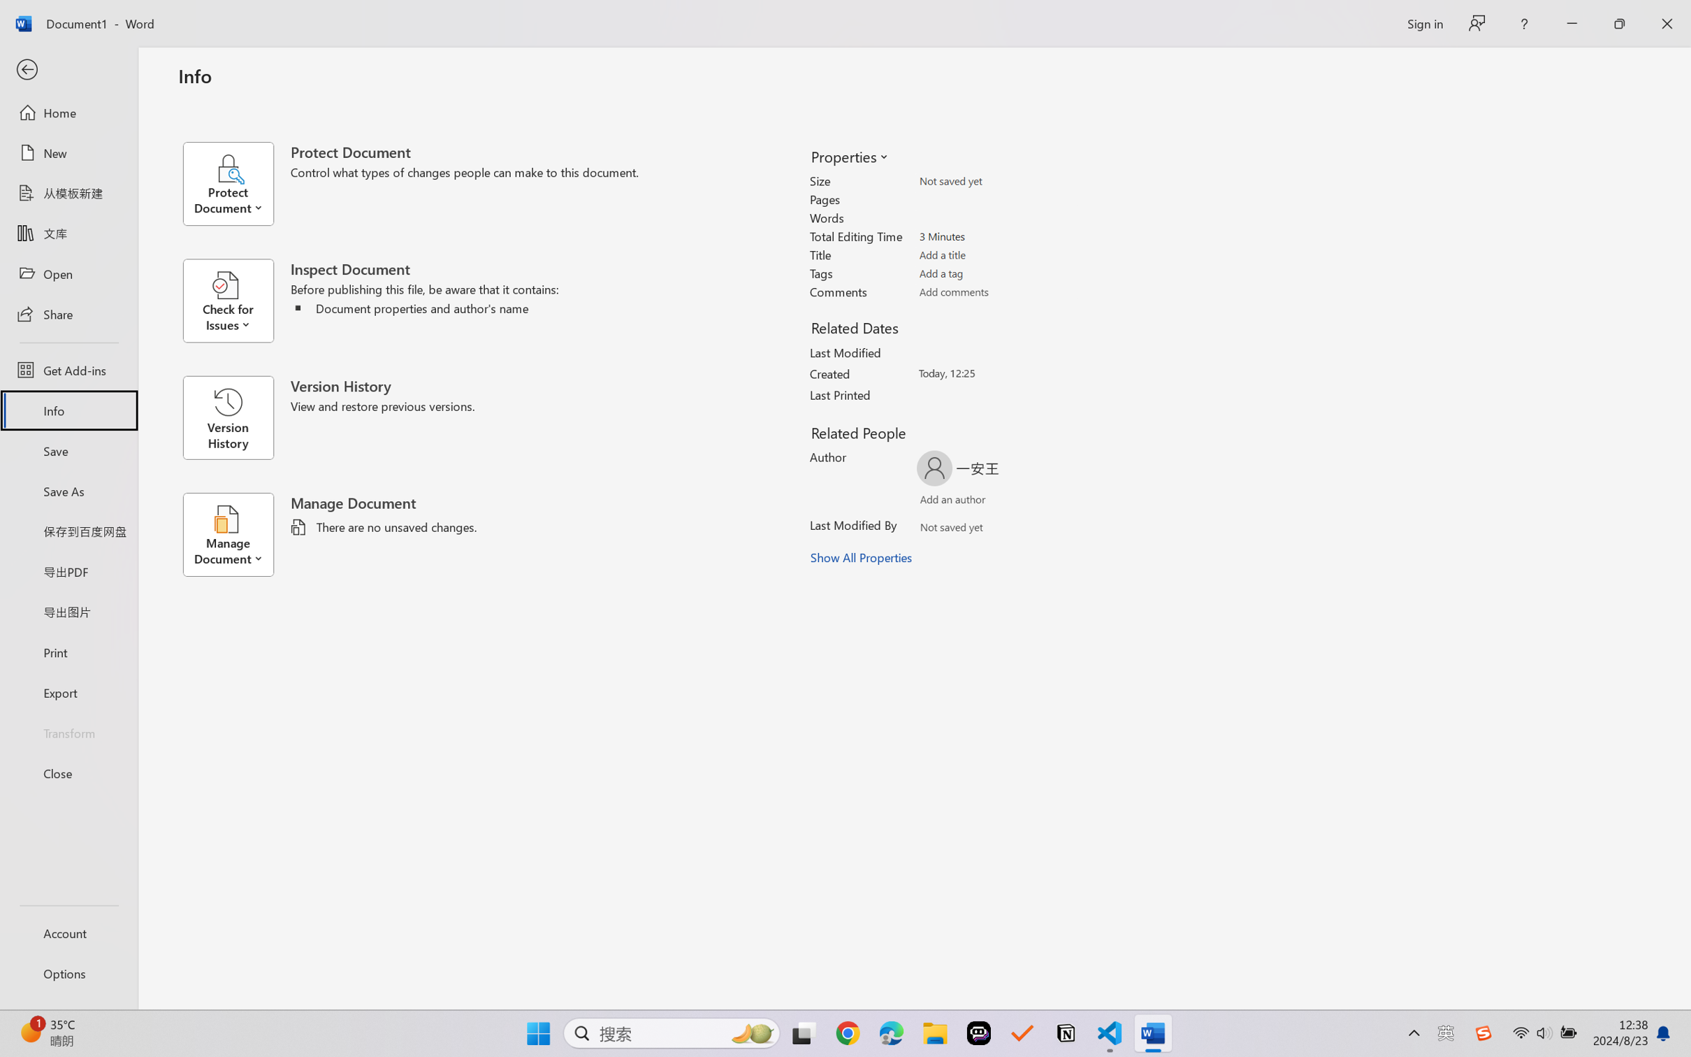 This screenshot has height=1057, width=1691. What do you see at coordinates (68, 731) in the screenshot?
I see `'Transform'` at bounding box center [68, 731].